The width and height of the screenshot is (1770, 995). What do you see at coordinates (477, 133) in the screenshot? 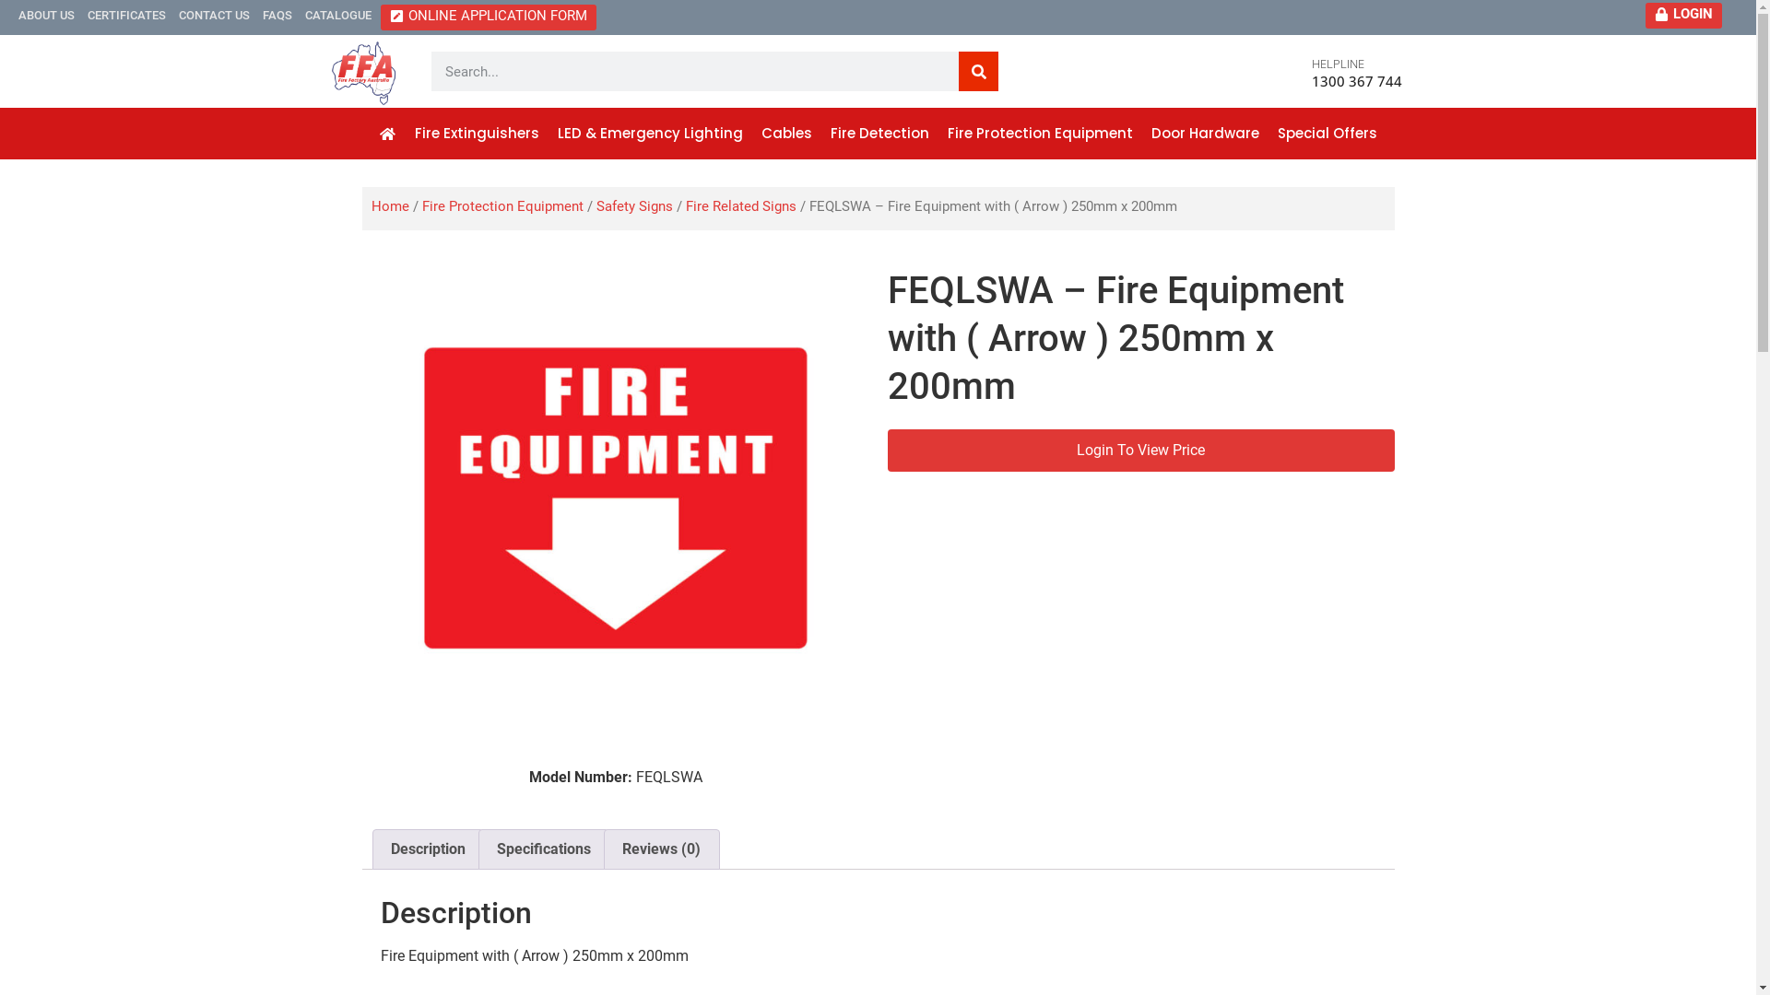
I see `'Fire Extinguishers'` at bounding box center [477, 133].